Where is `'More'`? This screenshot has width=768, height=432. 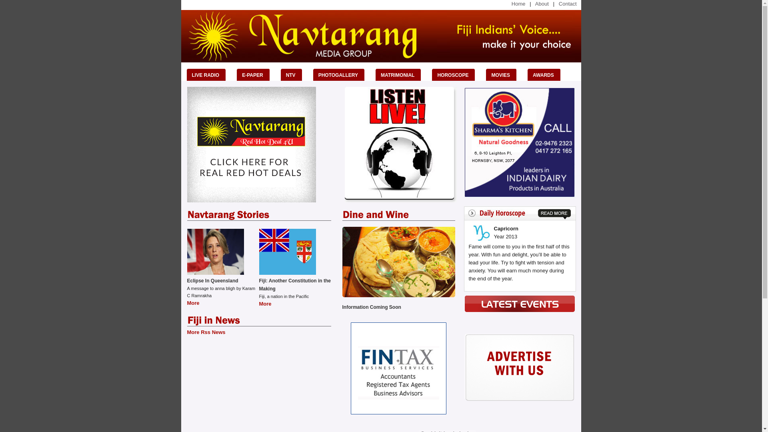 'More' is located at coordinates (265, 304).